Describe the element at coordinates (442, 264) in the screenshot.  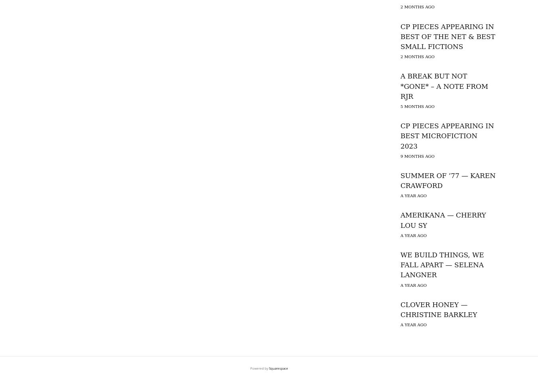
I see `'WE BUILD THINGS, WE FALL APART — SELENA LANGNER'` at that location.